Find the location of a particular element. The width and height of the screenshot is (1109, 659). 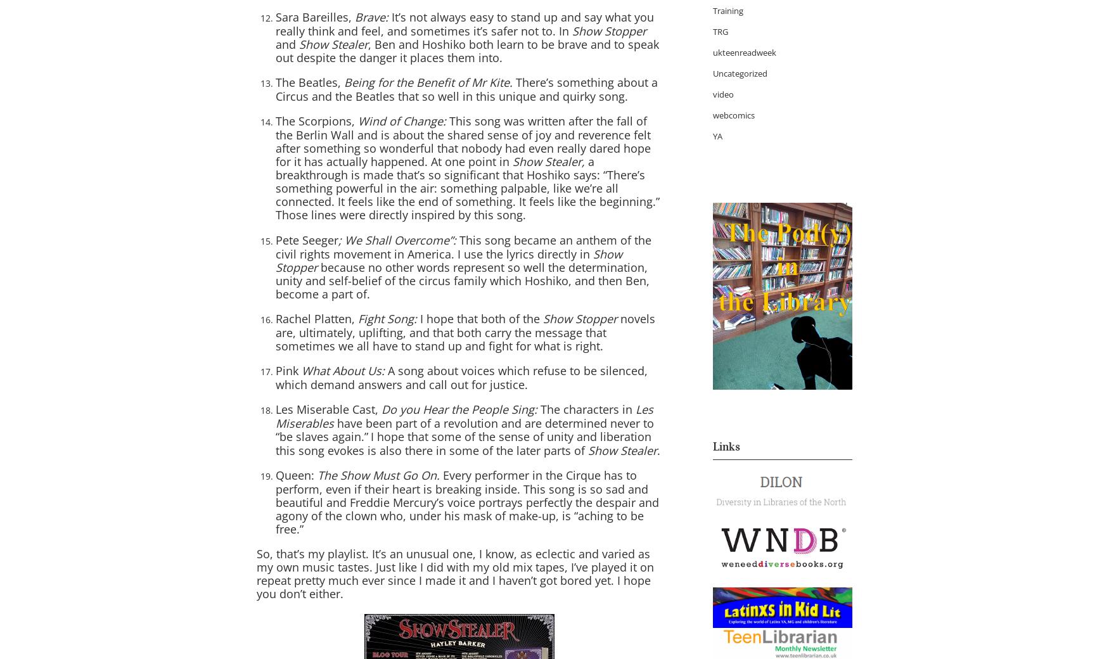

'a breakthrough is made that’s so significant that Hoshiko says: “There’s something powerful in the air: something palpable, like we’re all connected. It feels like the end of something. It feels like the beginning.”' is located at coordinates (467, 181).